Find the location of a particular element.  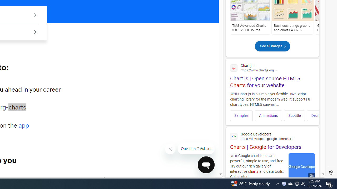

'Charts | Google for Developers' is located at coordinates (272, 140).